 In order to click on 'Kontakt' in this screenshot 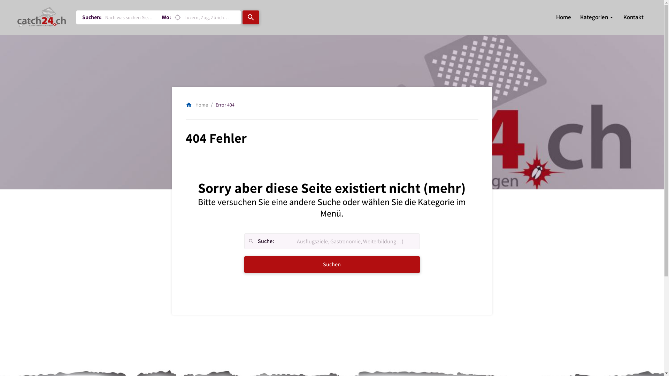, I will do `click(633, 17)`.